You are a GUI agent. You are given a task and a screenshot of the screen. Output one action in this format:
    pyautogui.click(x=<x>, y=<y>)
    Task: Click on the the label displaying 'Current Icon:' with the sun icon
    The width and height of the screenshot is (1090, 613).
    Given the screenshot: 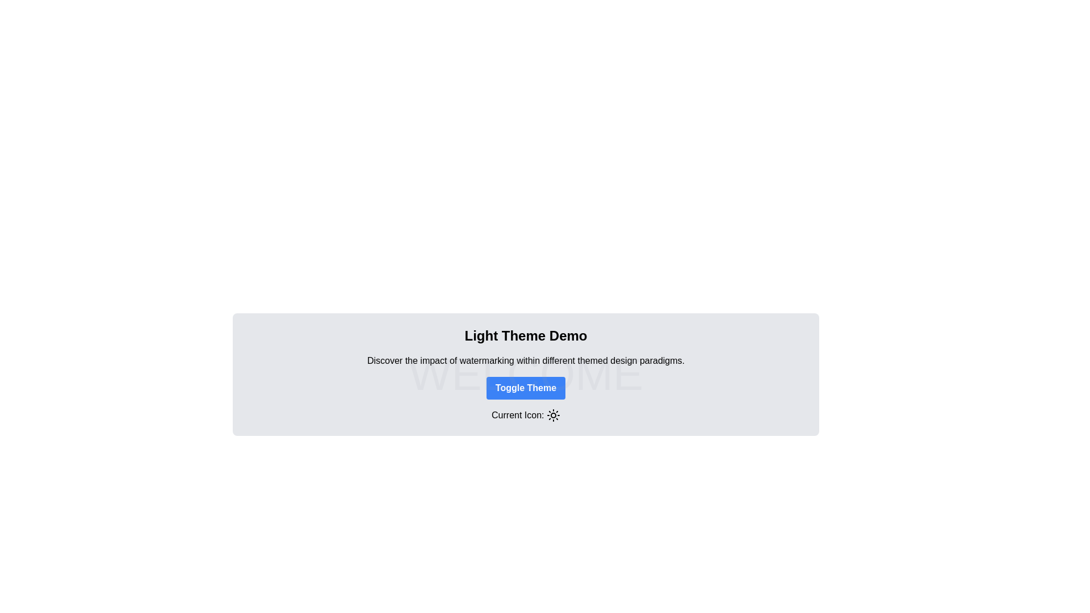 What is the action you would take?
    pyautogui.click(x=525, y=415)
    